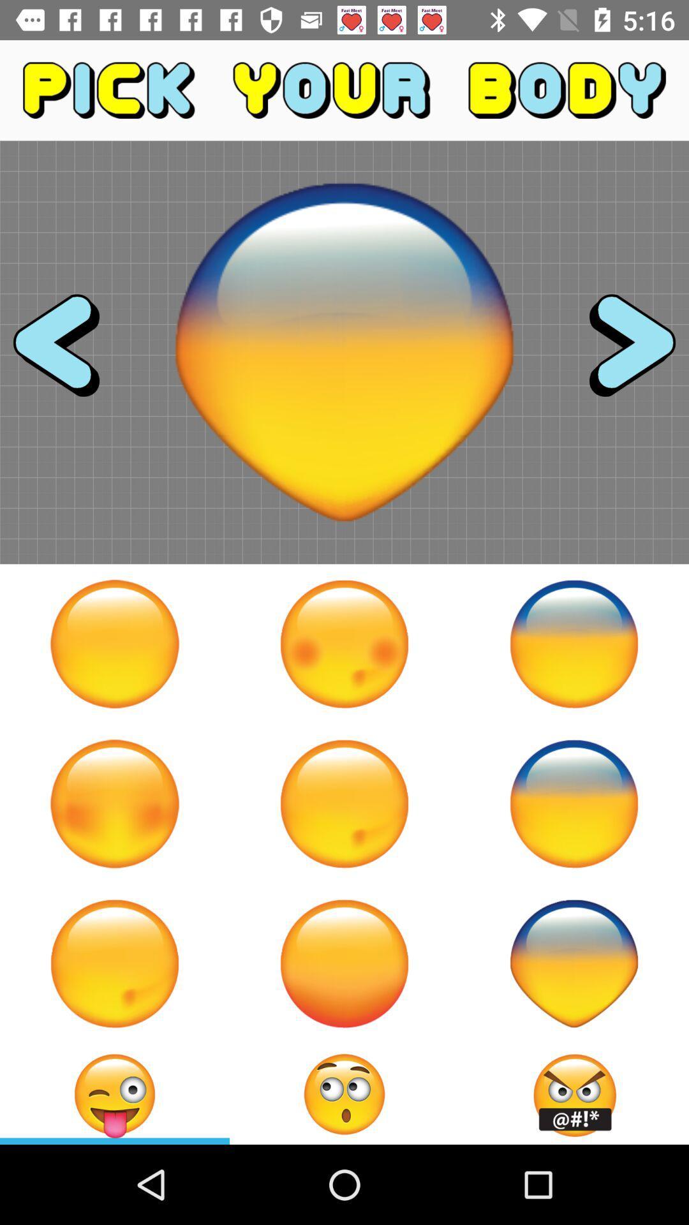  Describe the element at coordinates (344, 963) in the screenshot. I see `body style` at that location.